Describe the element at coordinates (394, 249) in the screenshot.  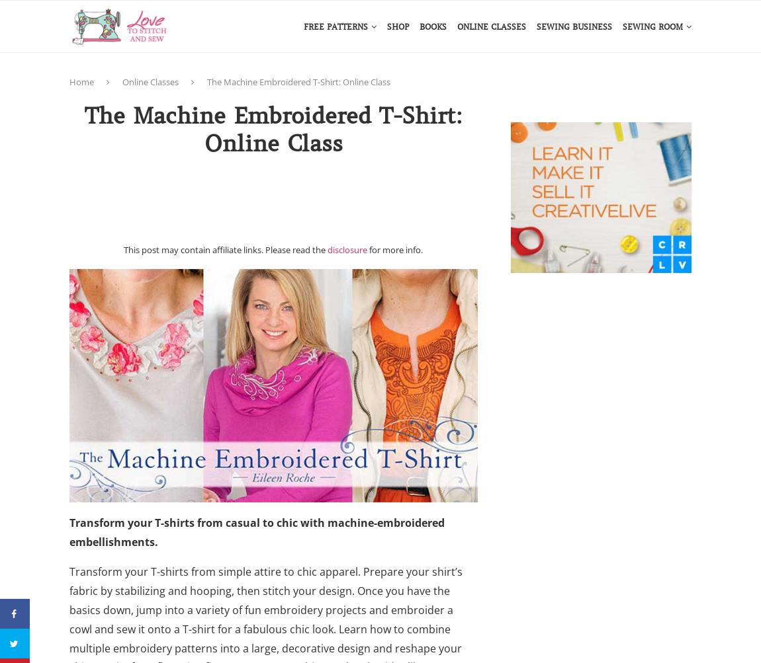
I see `'for more info.'` at that location.